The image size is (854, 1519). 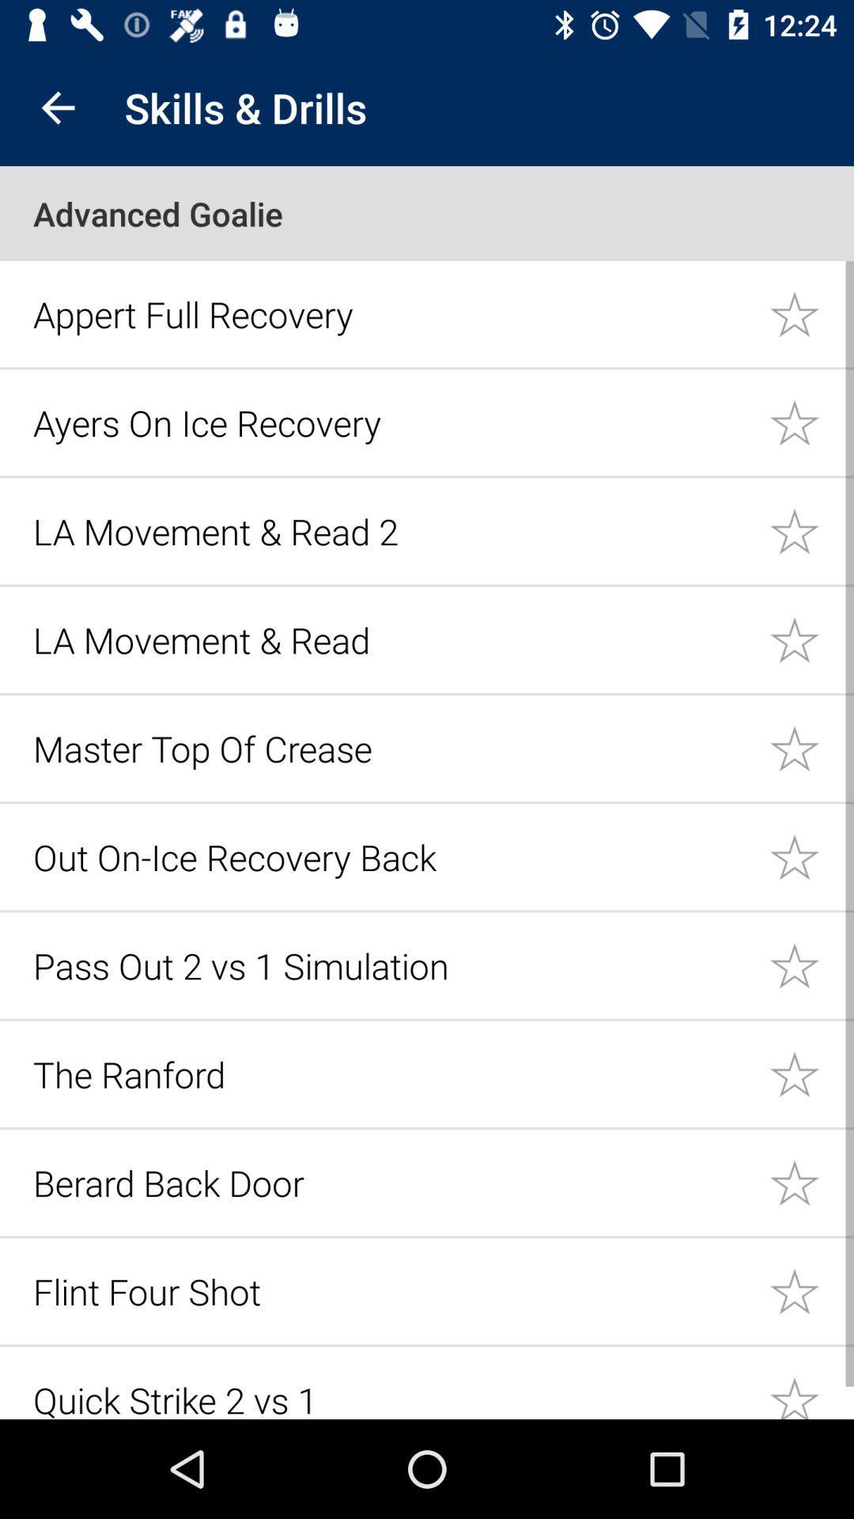 I want to click on favorite, so click(x=811, y=639).